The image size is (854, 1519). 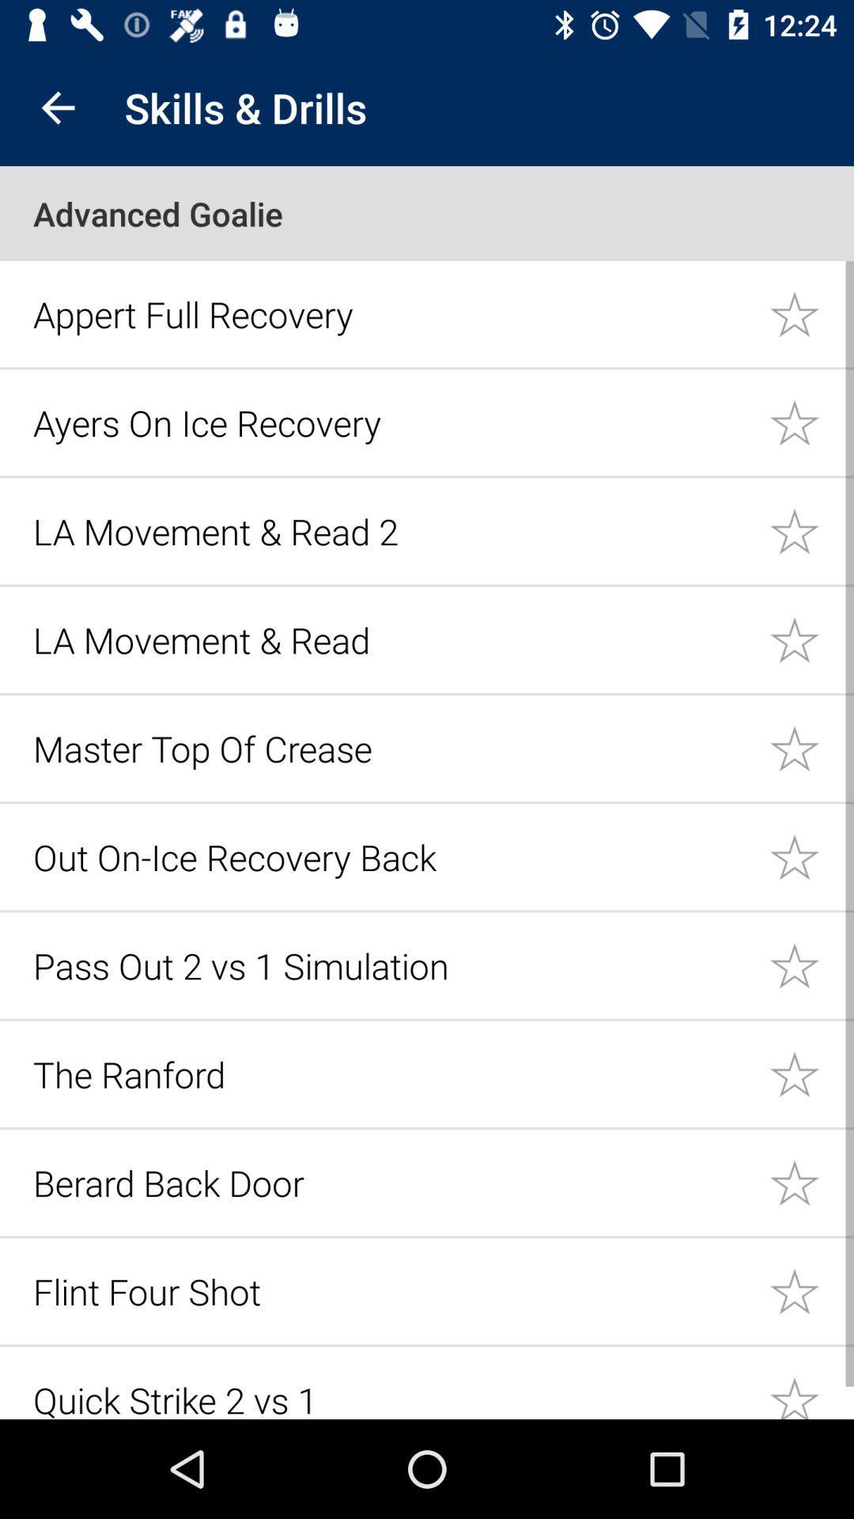 I want to click on favorite, so click(x=811, y=639).